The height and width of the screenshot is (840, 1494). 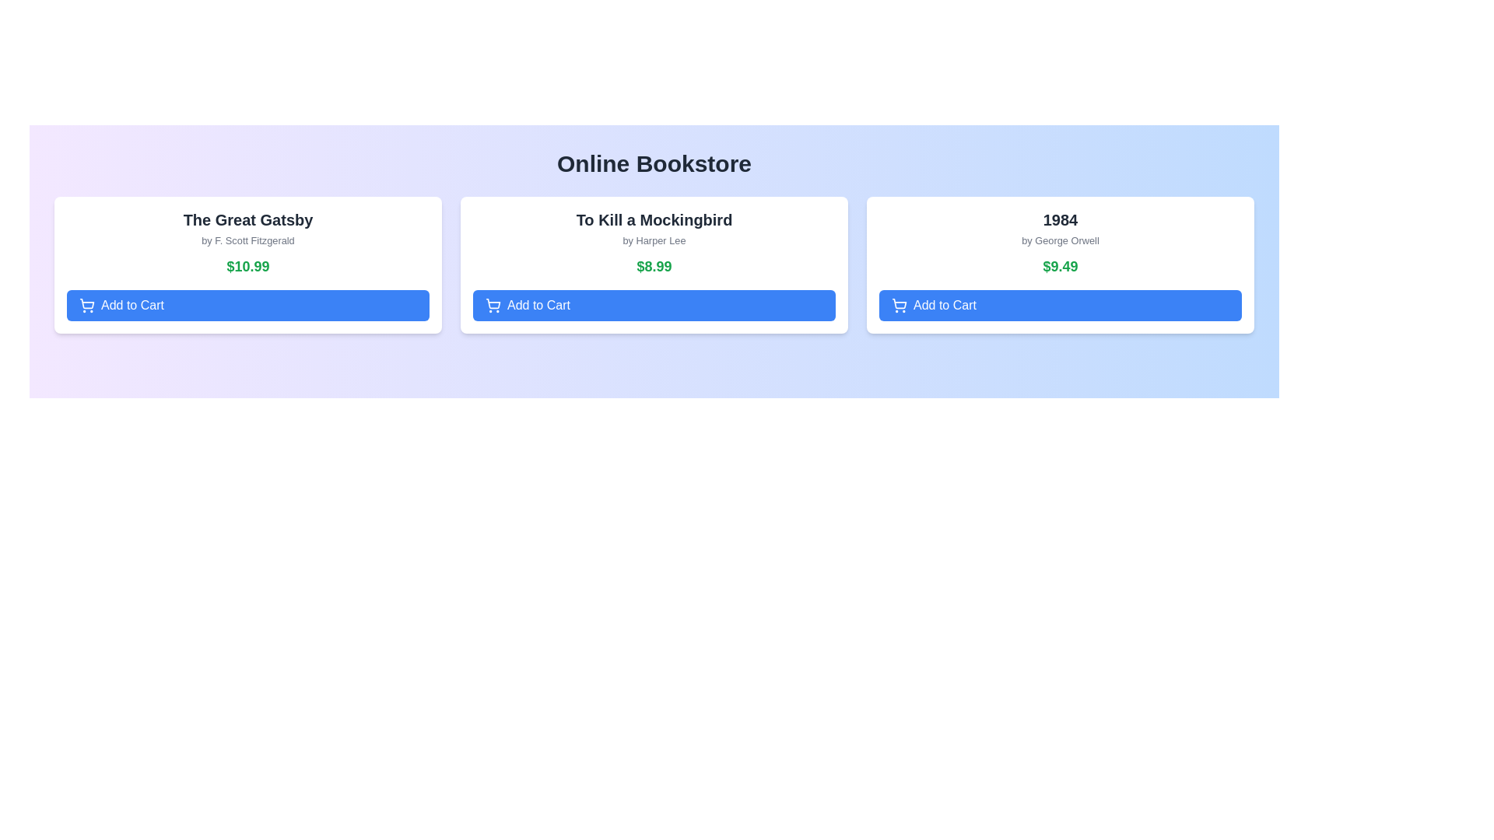 What do you see at coordinates (900, 306) in the screenshot?
I see `the leftmost icon of the 'Add to Cart' button located under the product titled '1984' by George Orwell, which is the third button in a row of similar buttons` at bounding box center [900, 306].